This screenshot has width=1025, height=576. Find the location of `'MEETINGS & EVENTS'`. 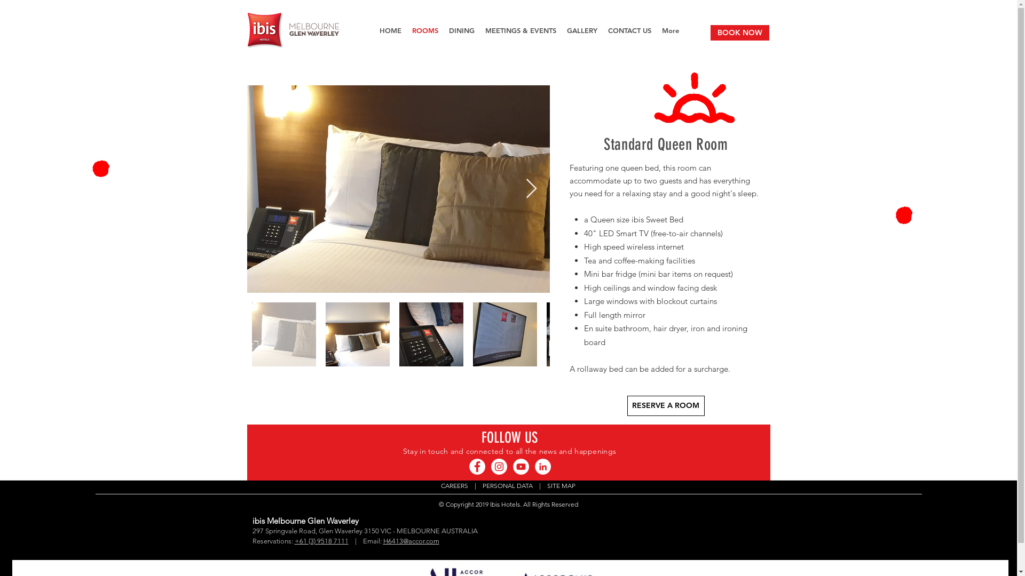

'MEETINGS & EVENTS' is located at coordinates (520, 33).